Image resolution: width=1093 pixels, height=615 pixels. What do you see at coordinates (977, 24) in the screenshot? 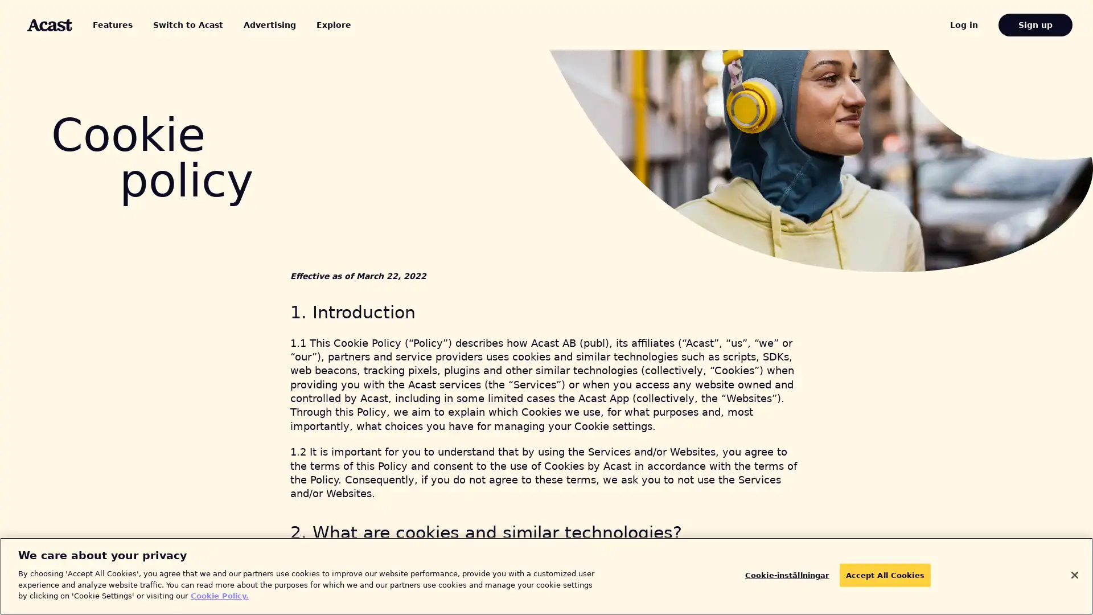
I see `Log in` at bounding box center [977, 24].